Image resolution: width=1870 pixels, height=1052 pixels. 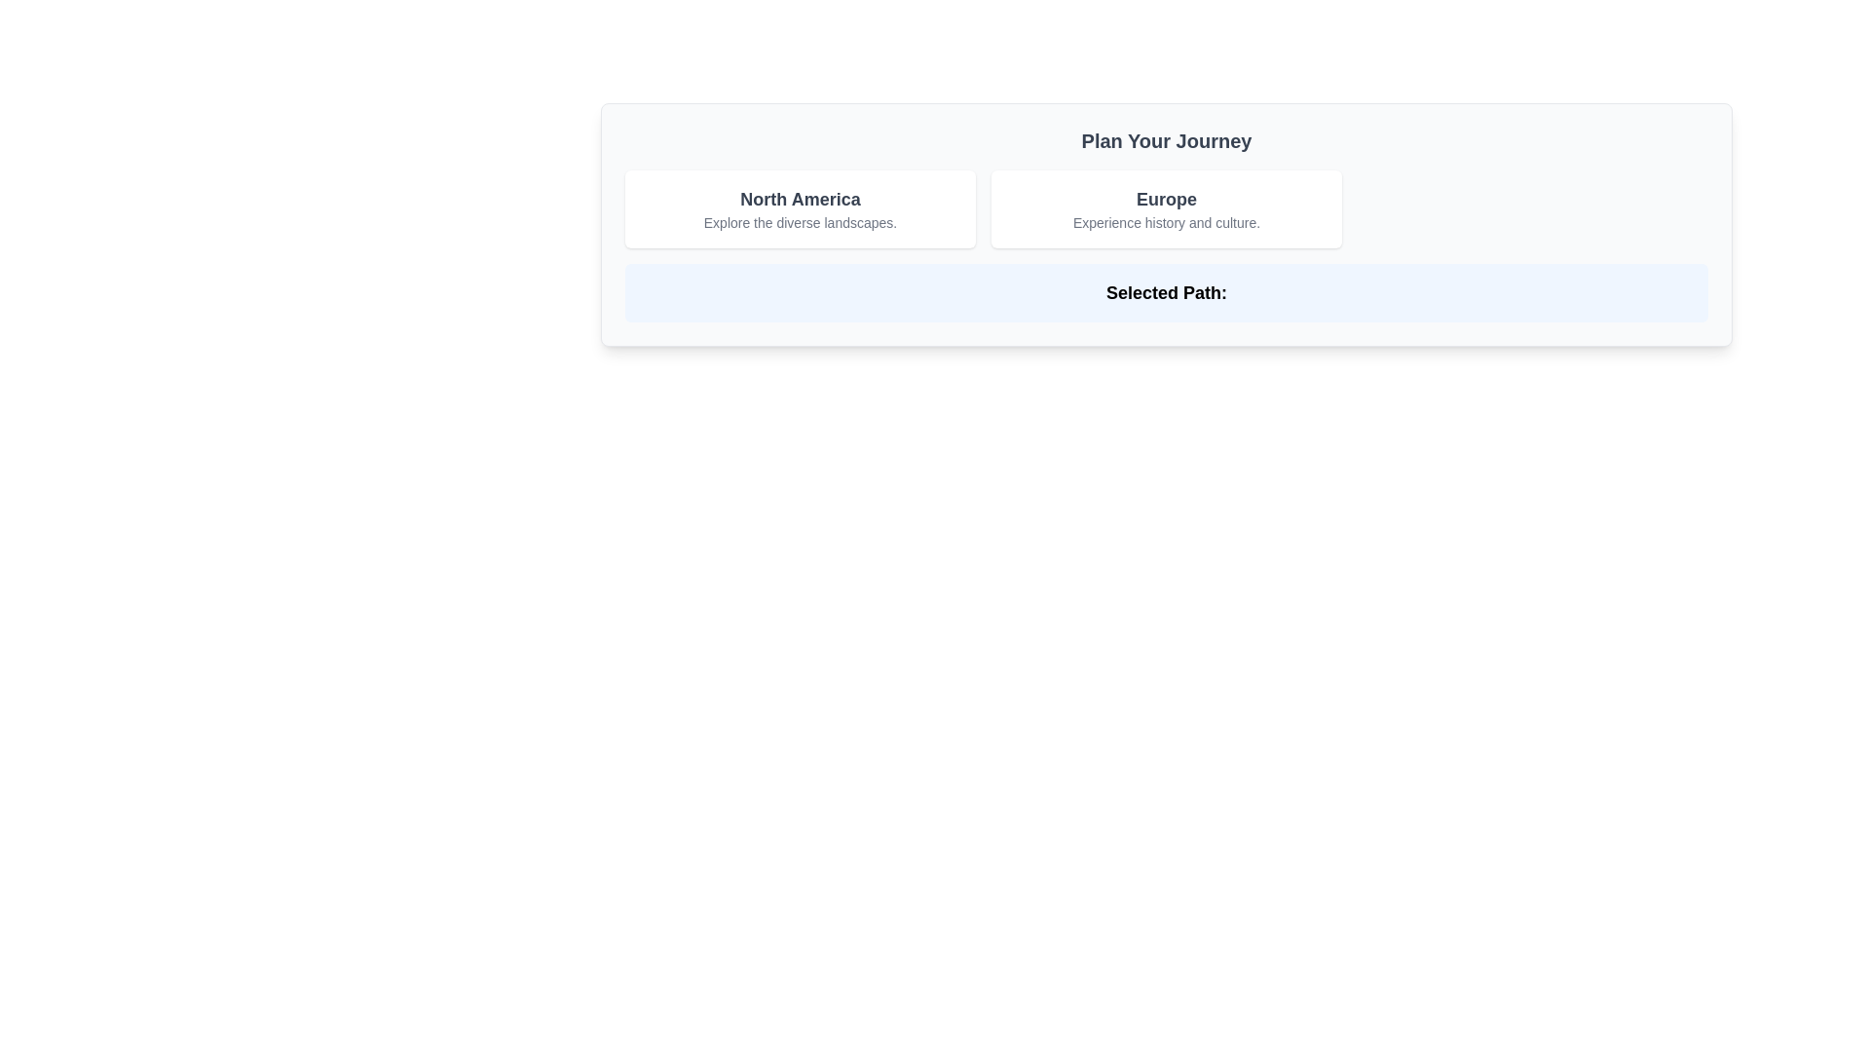 What do you see at coordinates (1167, 292) in the screenshot?
I see `the Text label indicating the section for user selection beneath the title 'Plan Your Journey' and above the disc-styled list` at bounding box center [1167, 292].